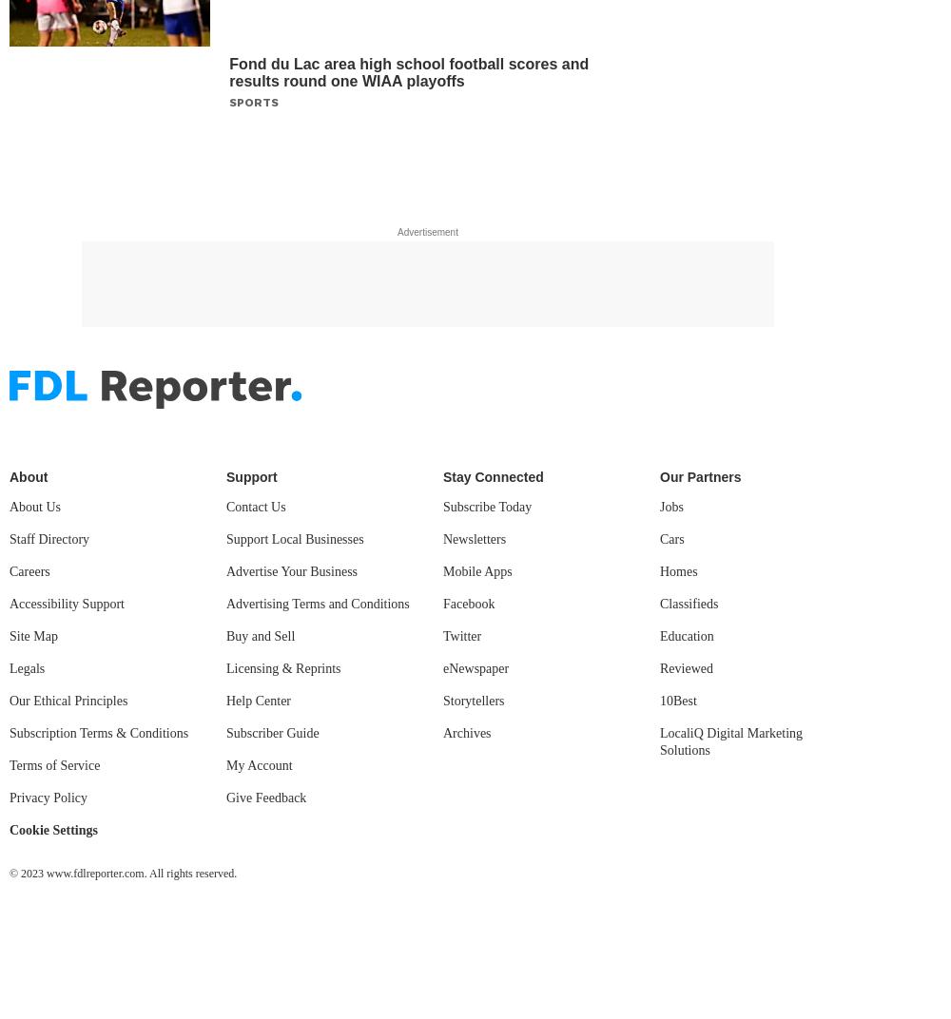  What do you see at coordinates (266, 797) in the screenshot?
I see `'Give Feedback'` at bounding box center [266, 797].